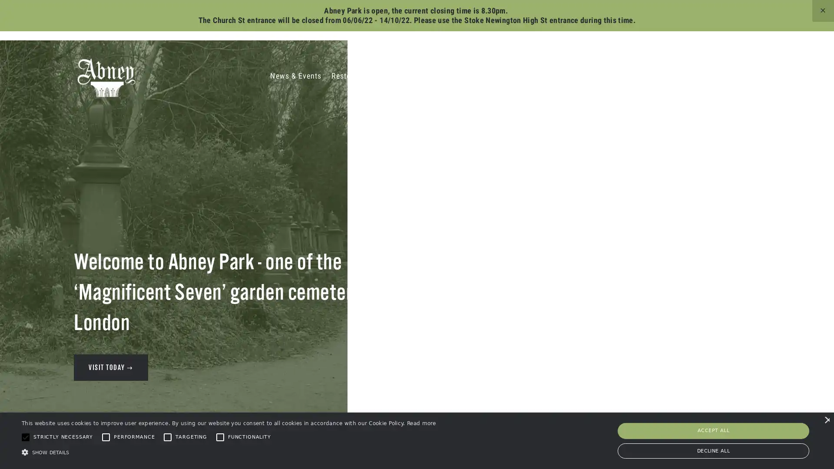 This screenshot has height=469, width=834. What do you see at coordinates (541, 70) in the screenshot?
I see `Close` at bounding box center [541, 70].